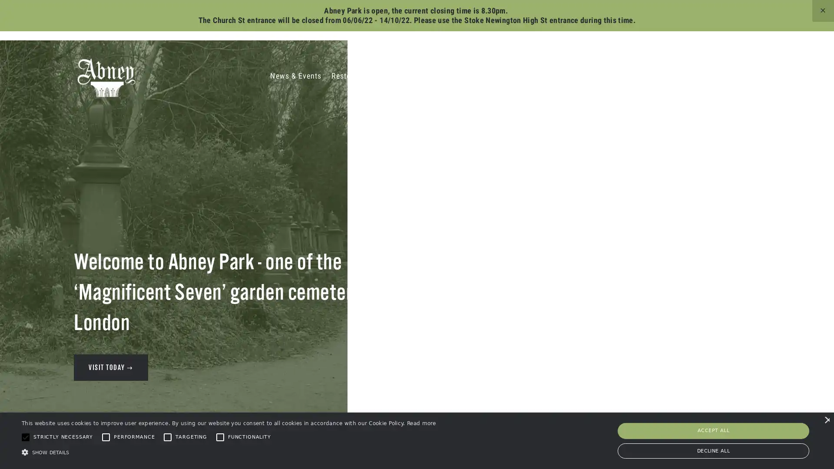 This screenshot has height=469, width=834. What do you see at coordinates (541, 70) in the screenshot?
I see `Close` at bounding box center [541, 70].